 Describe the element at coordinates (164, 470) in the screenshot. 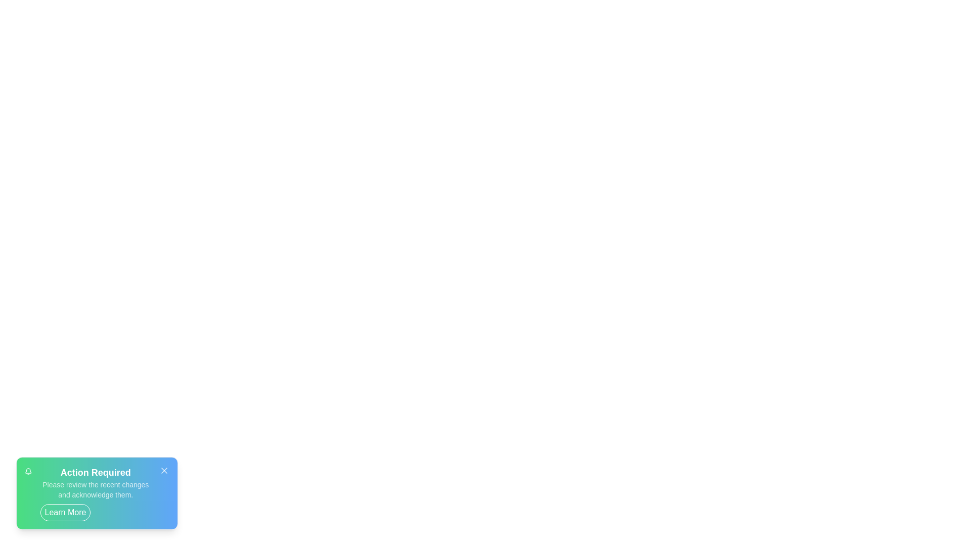

I see `the dismiss button to close the notification` at that location.